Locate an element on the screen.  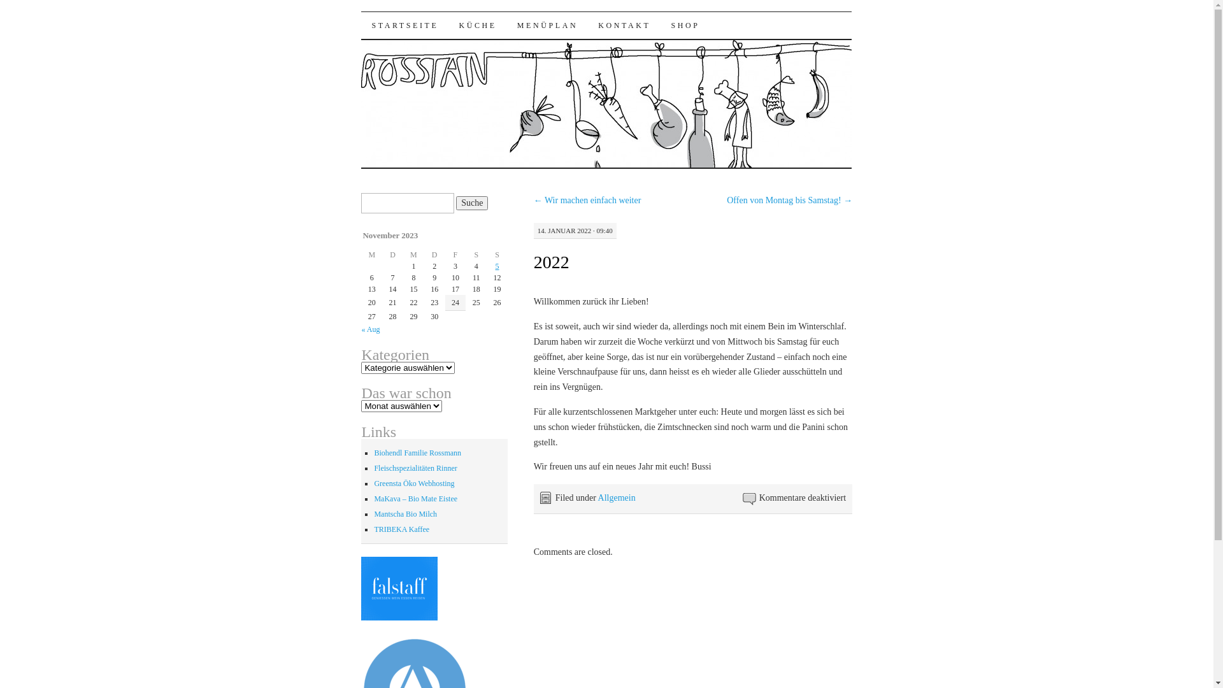
'SHOP' is located at coordinates (684, 25).